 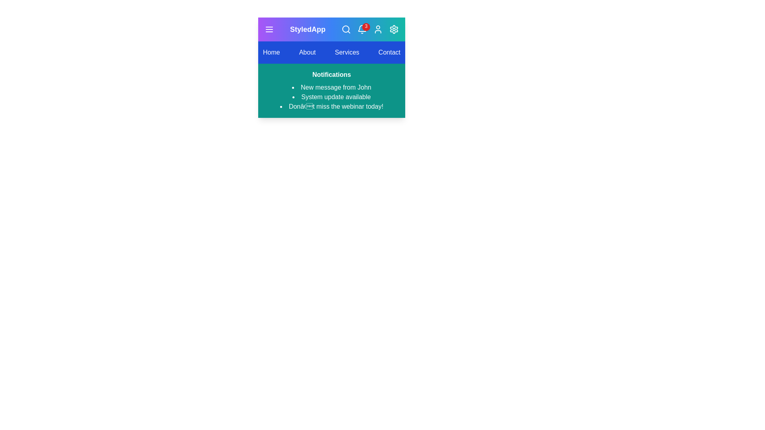 I want to click on the 'Contact' button with a blue background and white text, which is the fourth item in the navigation bar located at the top of the interface, so click(x=389, y=52).